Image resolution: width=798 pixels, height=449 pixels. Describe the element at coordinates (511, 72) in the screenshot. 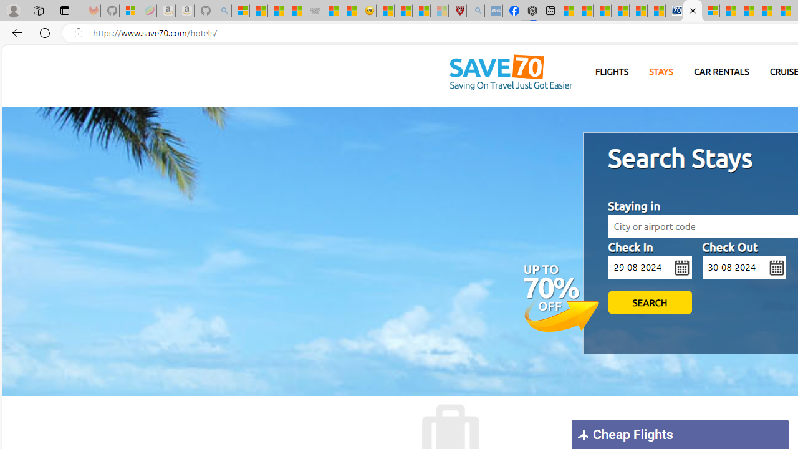

I see `'Homepage'` at that location.